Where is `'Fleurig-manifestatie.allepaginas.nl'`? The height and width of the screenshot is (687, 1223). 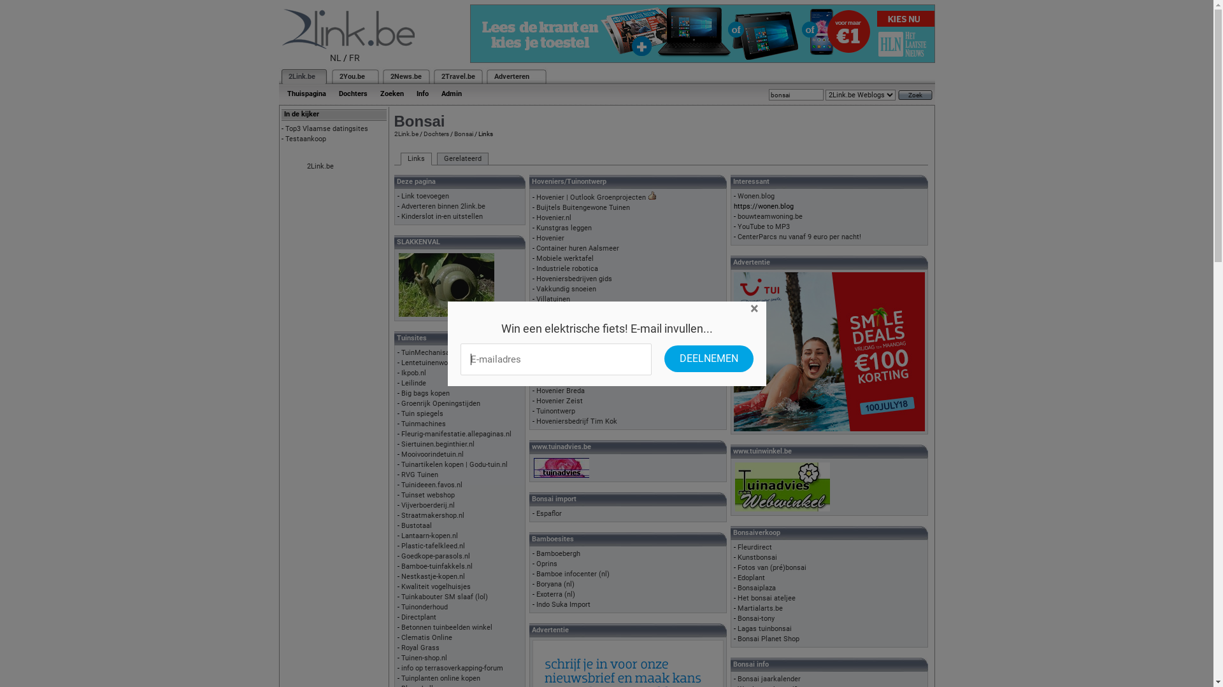 'Fleurig-manifestatie.allepaginas.nl' is located at coordinates (400, 433).